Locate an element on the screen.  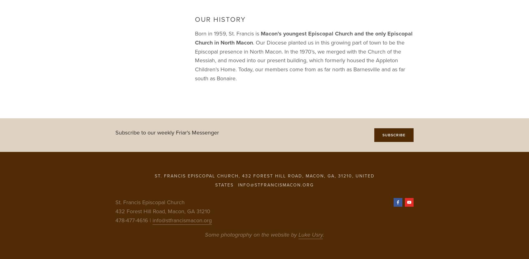
'St. Francis Episcopal Church, 432 Forest Hill Road, Macon, GA, 31210, United States' is located at coordinates (264, 180).